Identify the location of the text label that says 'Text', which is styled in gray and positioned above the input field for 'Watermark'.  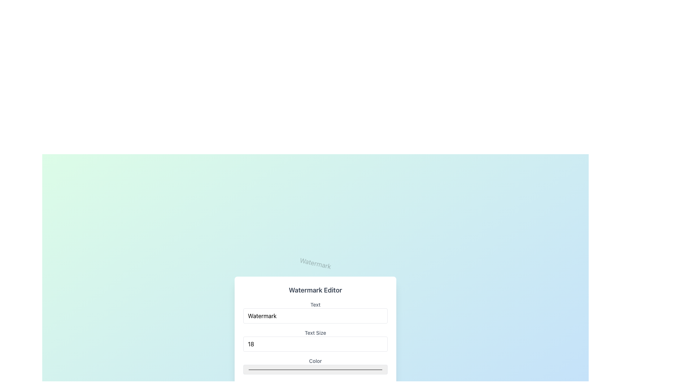
(315, 304).